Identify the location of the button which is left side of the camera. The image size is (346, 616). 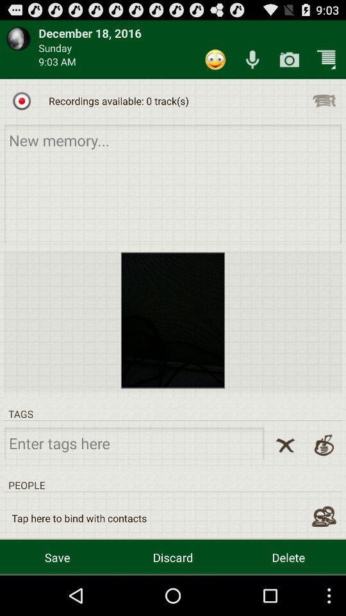
(252, 60).